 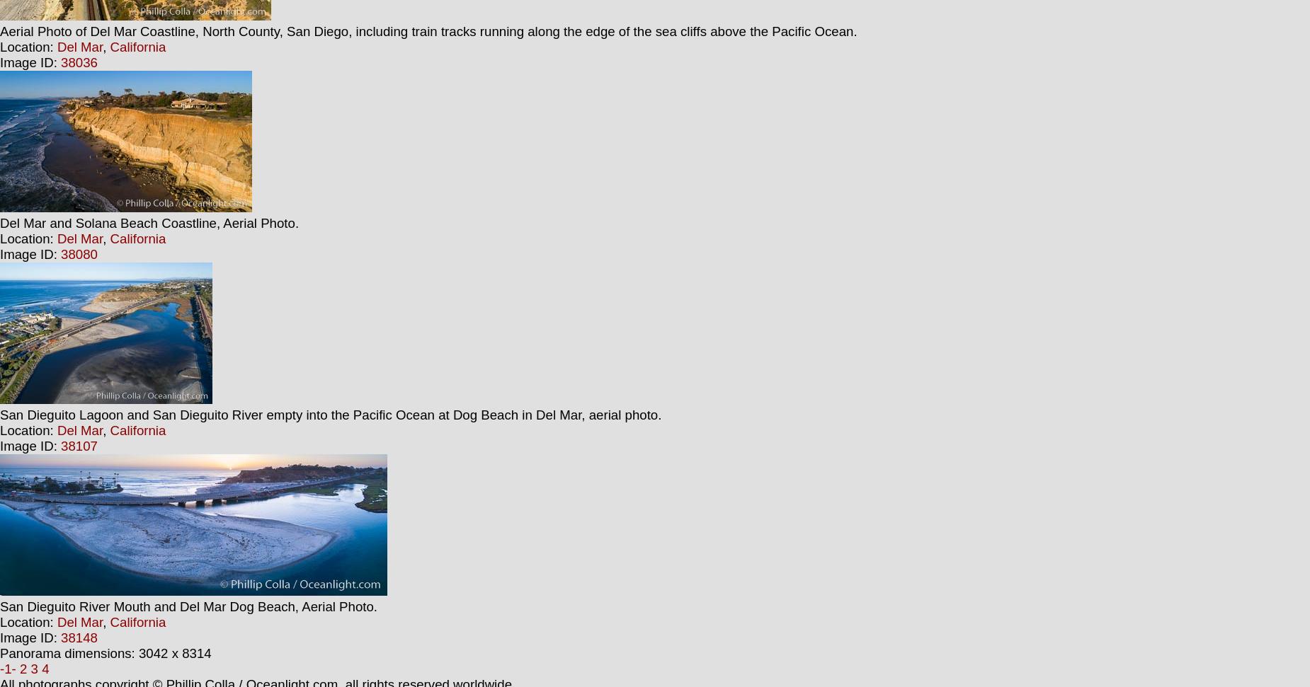 I want to click on 'Aerial Photo of Del Mar Coastline, North County, San Diego, including train tracks running along the edge of the sea cliffs above the Pacific Ocean.', so click(x=0, y=31).